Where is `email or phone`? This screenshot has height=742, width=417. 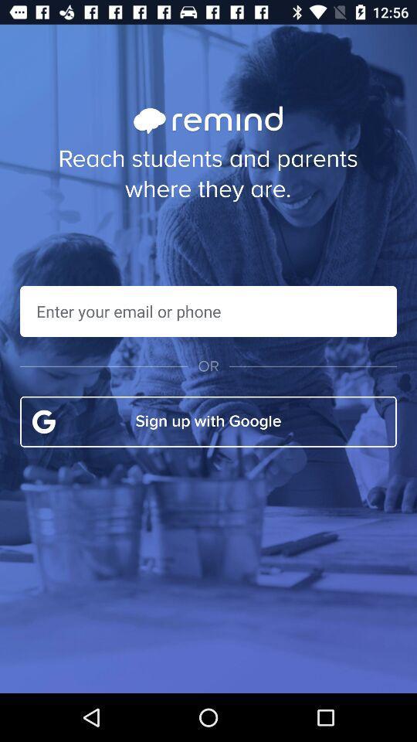 email or phone is located at coordinates (208, 310).